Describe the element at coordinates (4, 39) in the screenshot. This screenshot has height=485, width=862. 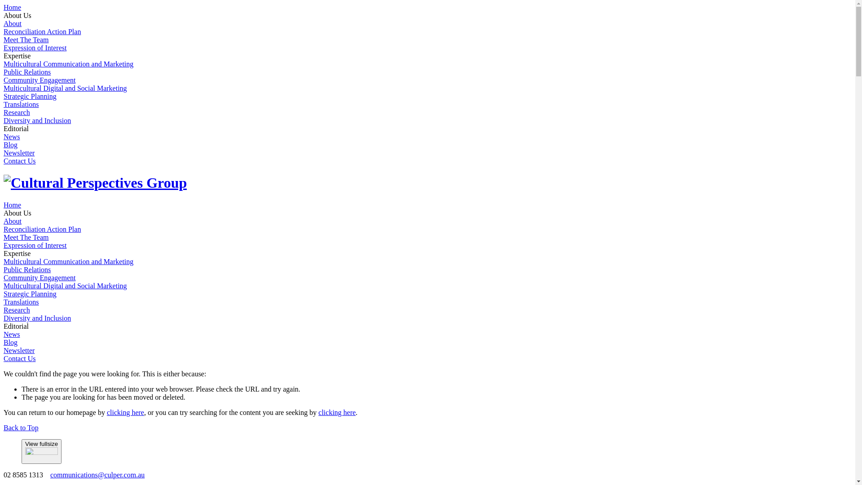
I see `'Meet The Team'` at that location.